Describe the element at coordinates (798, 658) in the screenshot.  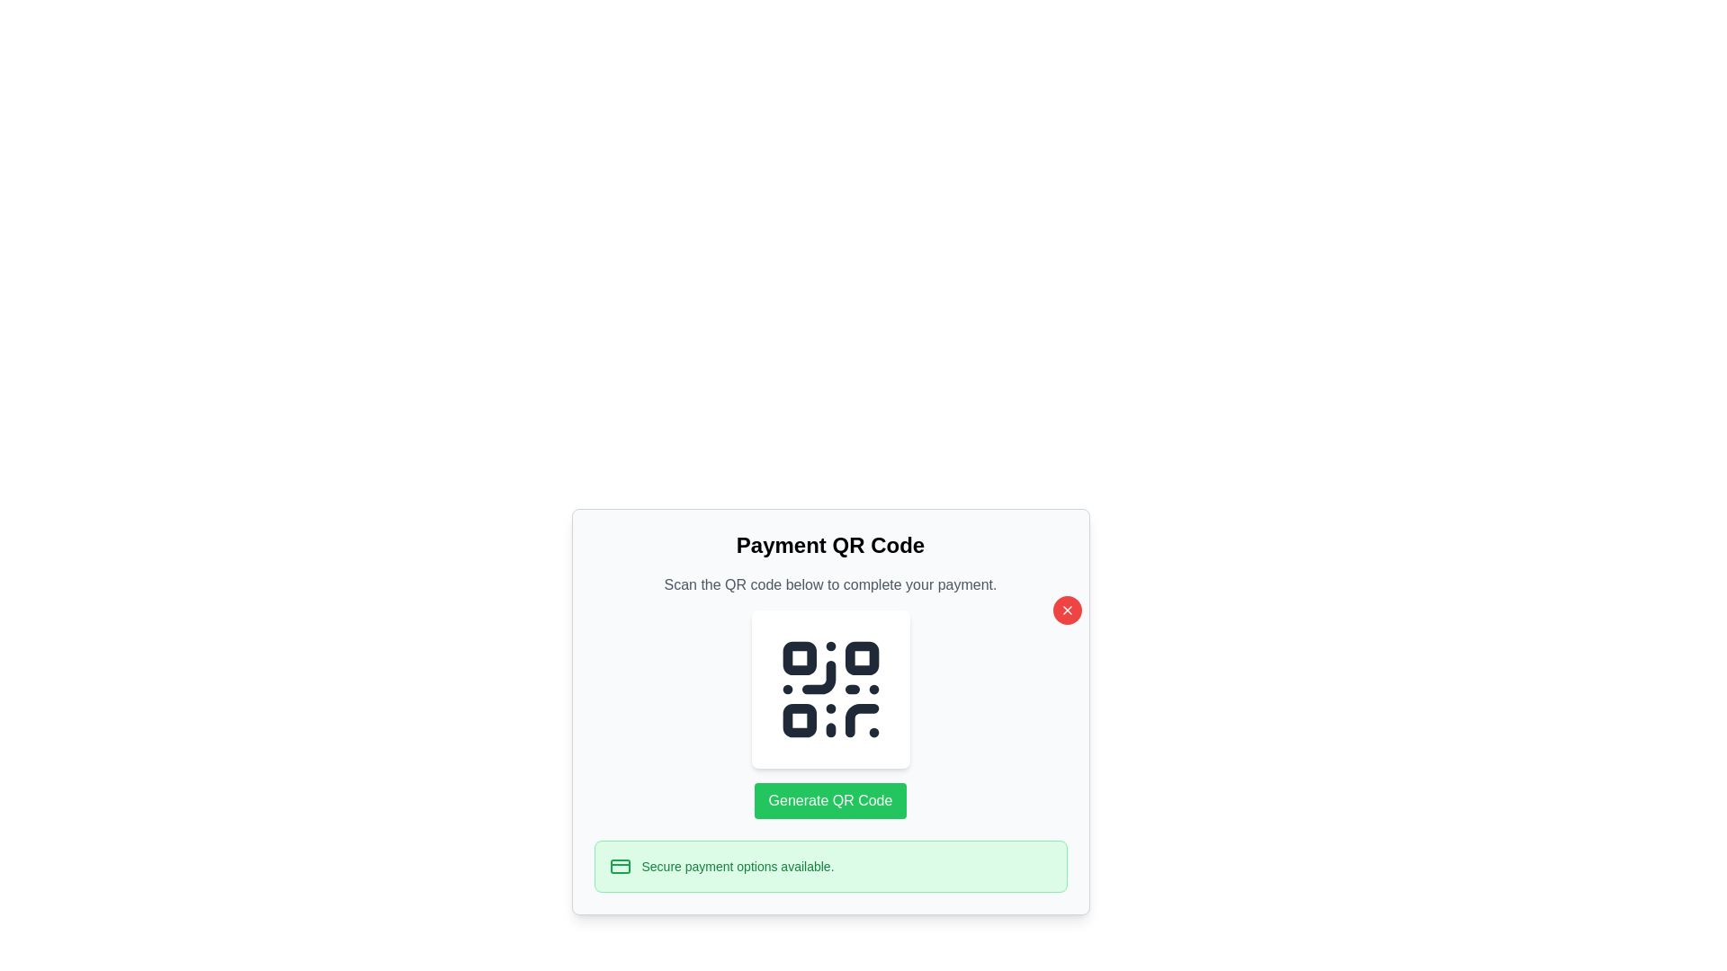
I see `the small black square with rounded corners located in the upper-left quadrant of the QR code design` at that location.